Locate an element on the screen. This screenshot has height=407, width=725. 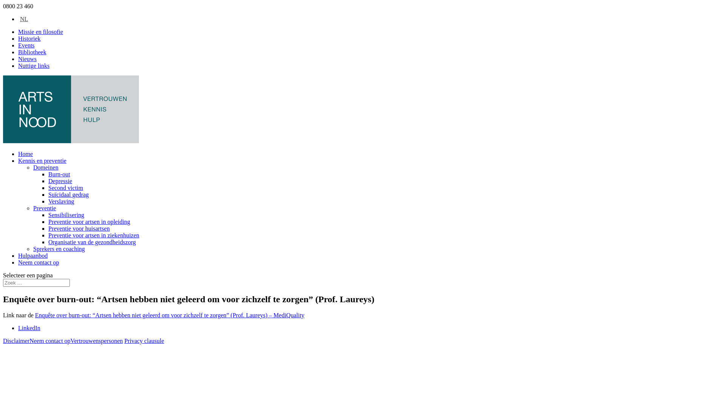
'Preventie voor huisartsen' is located at coordinates (48, 228).